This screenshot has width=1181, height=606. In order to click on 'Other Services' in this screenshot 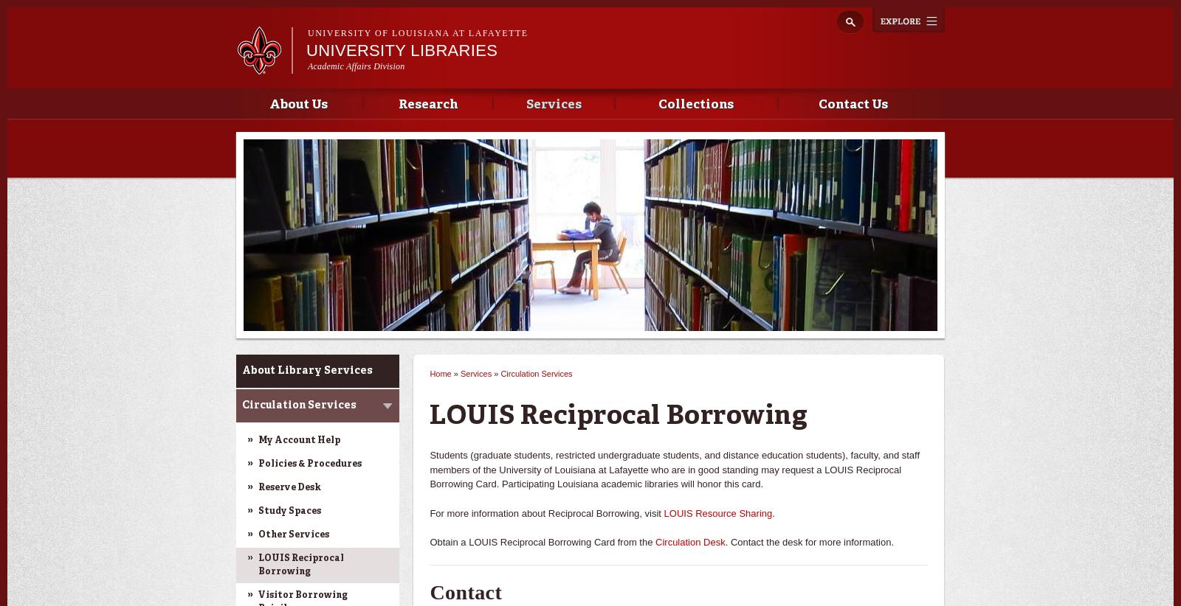, I will do `click(293, 534)`.